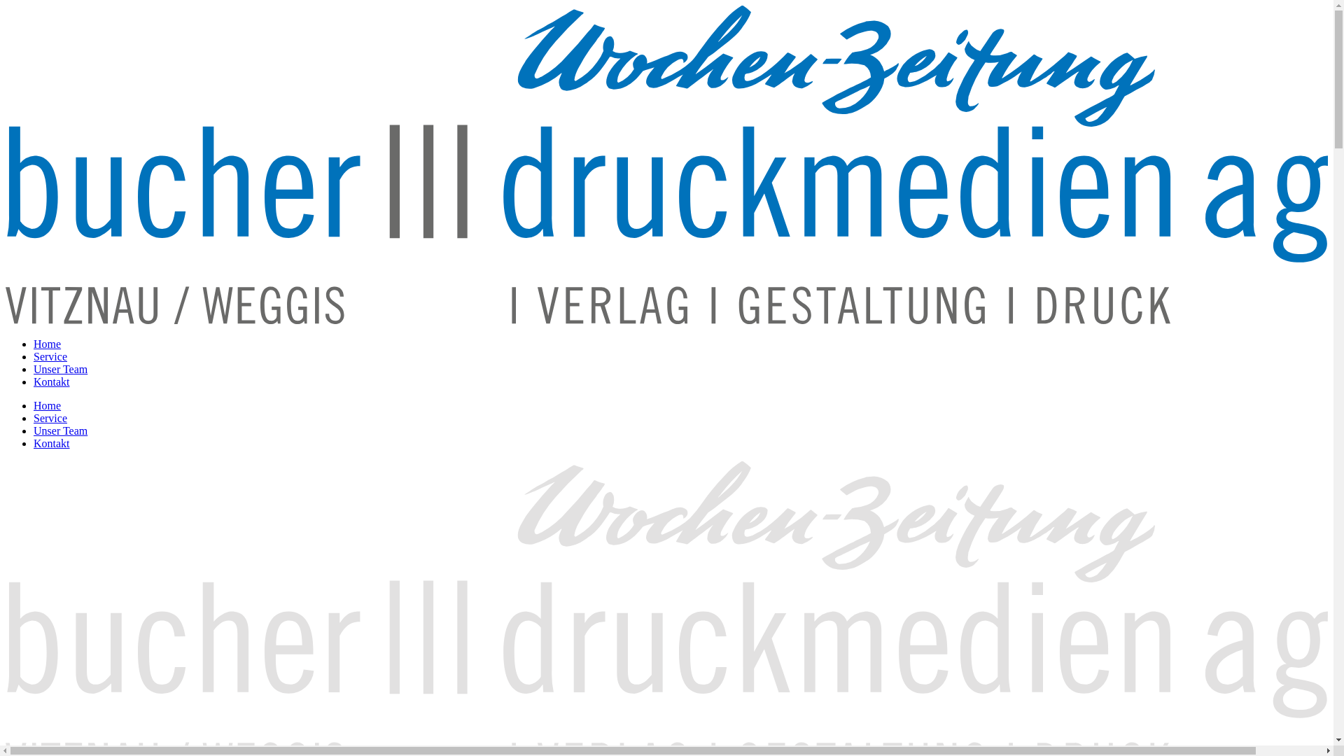  Describe the element at coordinates (50, 417) in the screenshot. I see `'Service'` at that location.